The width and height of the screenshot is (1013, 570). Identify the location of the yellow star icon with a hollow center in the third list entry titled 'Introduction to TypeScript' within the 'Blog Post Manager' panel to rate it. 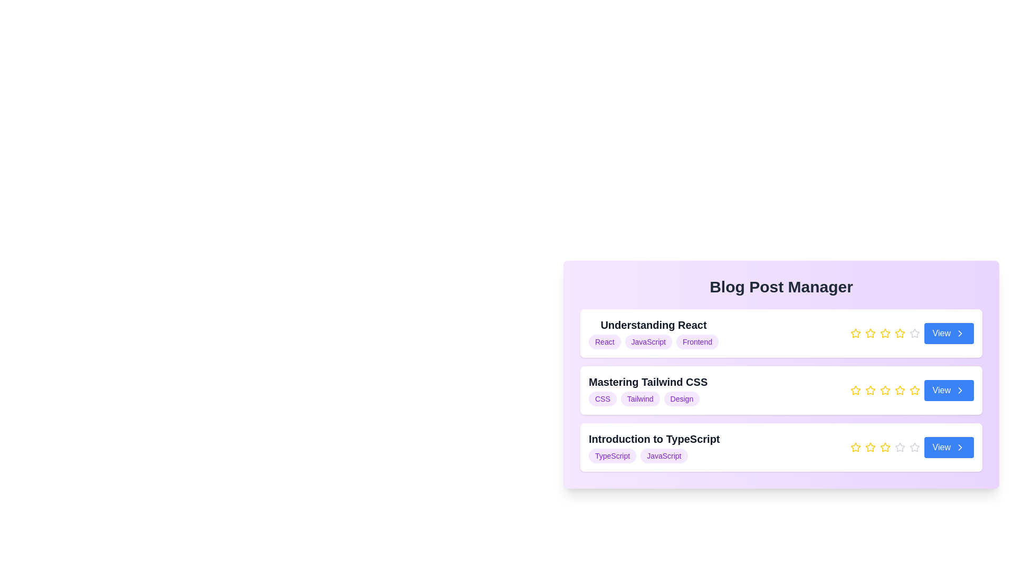
(855, 447).